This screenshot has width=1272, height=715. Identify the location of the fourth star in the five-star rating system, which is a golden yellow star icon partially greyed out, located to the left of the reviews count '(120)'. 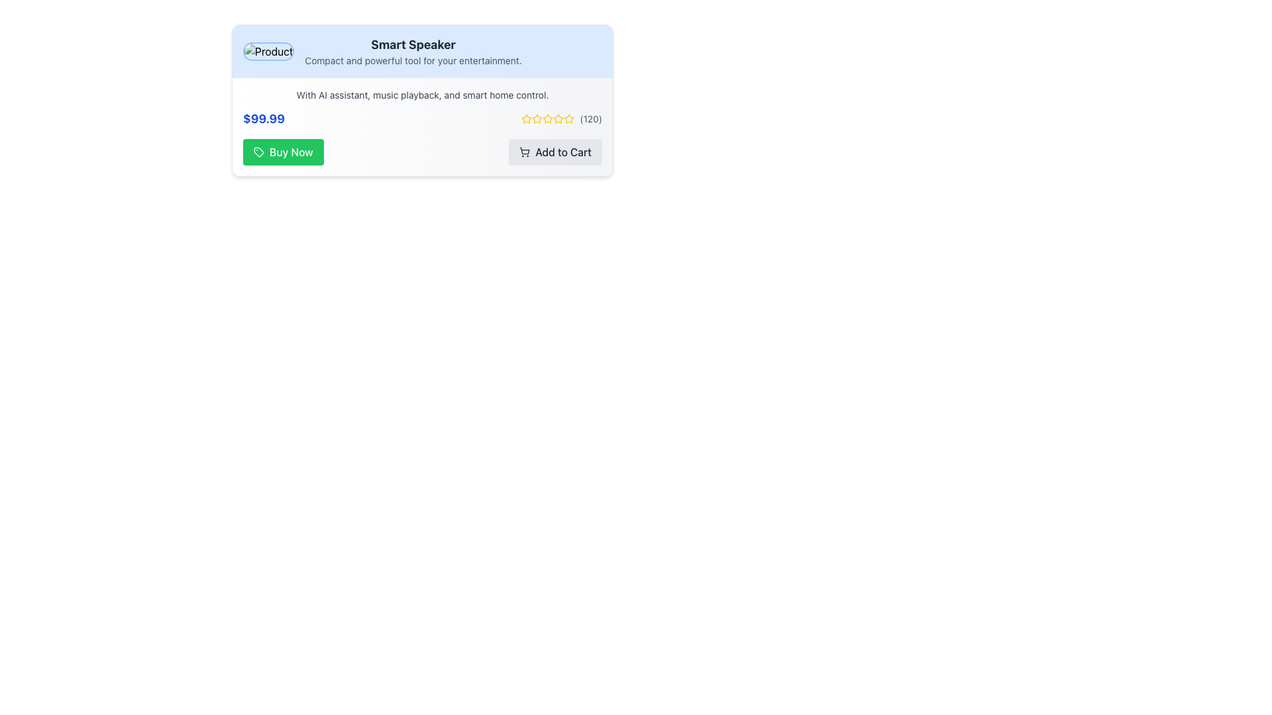
(548, 119).